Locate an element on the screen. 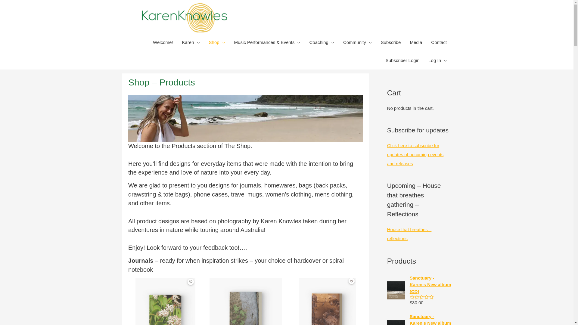  'Music Performances & Events' is located at coordinates (267, 42).